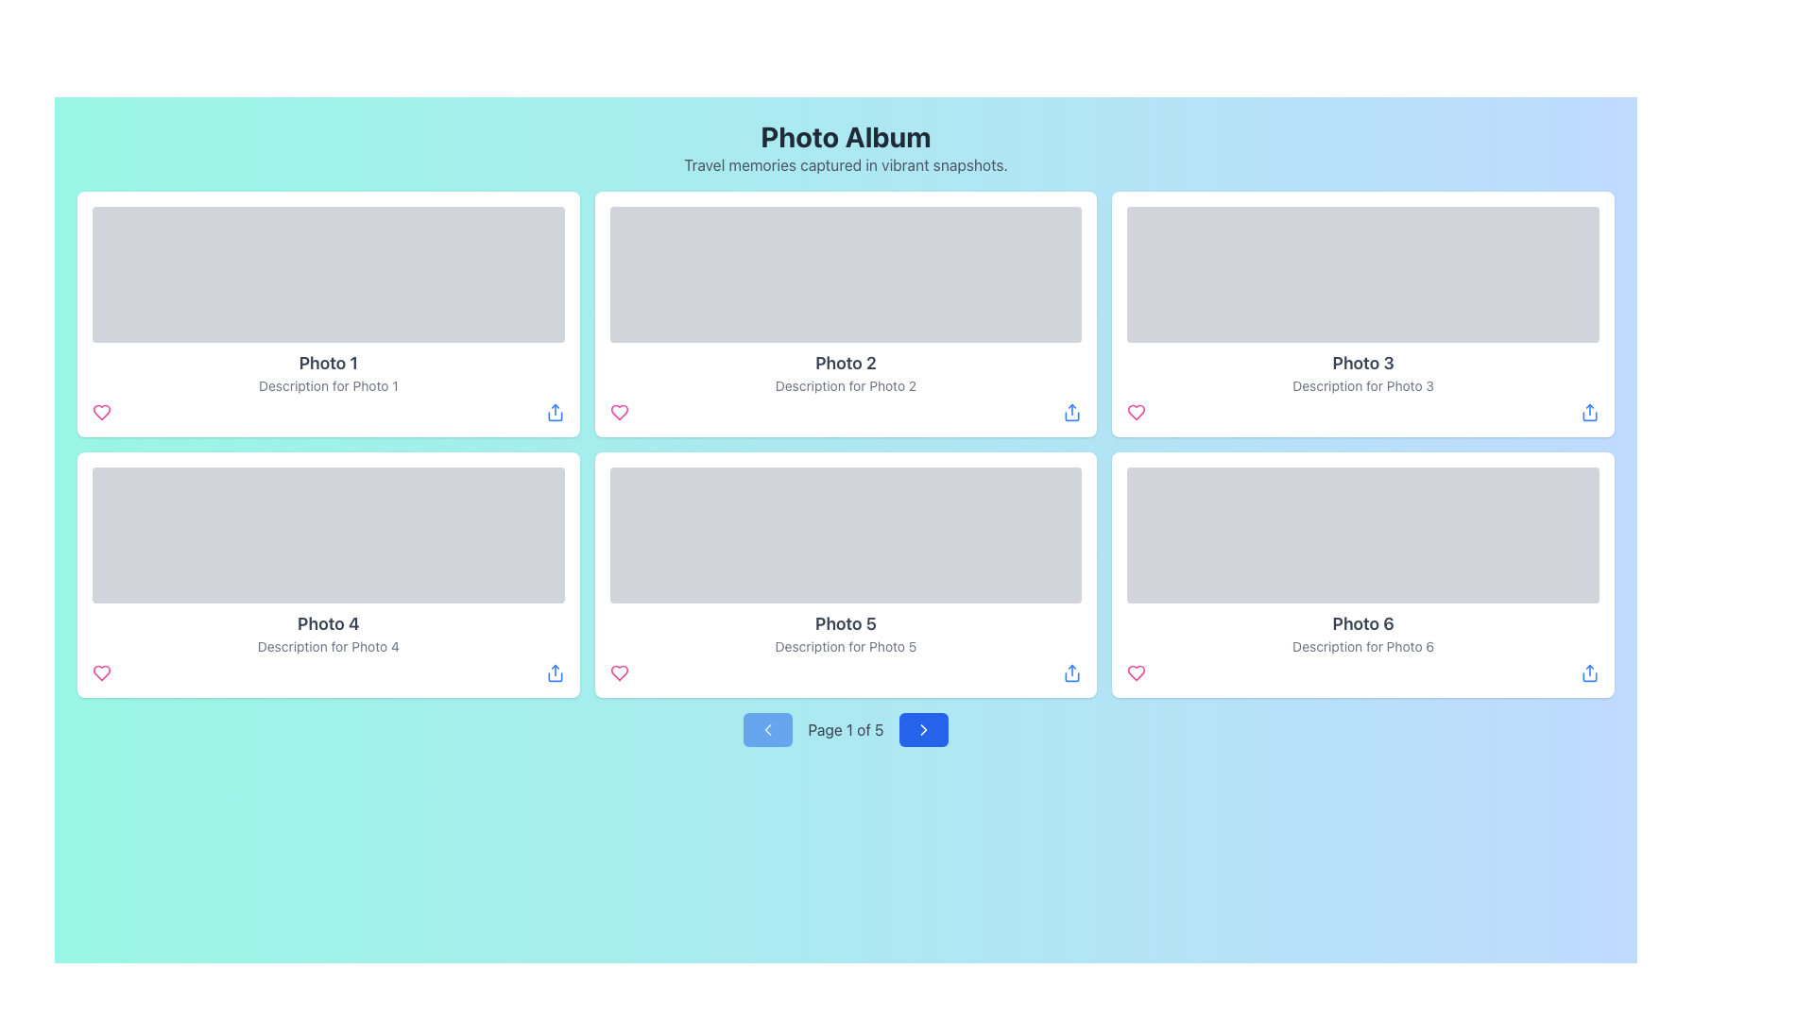 This screenshot has width=1814, height=1020. I want to click on the header text block that provides context for the gallery of photos, located at the top center of the layout, so click(845, 147).